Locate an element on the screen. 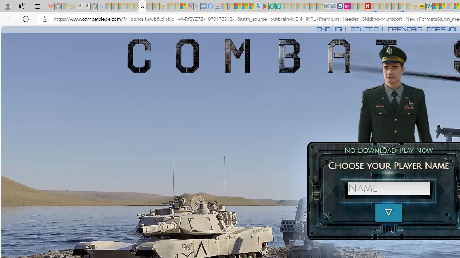 The height and width of the screenshot is (258, 460). 'Terms of Use Agreement' is located at coordinates (271, 6).